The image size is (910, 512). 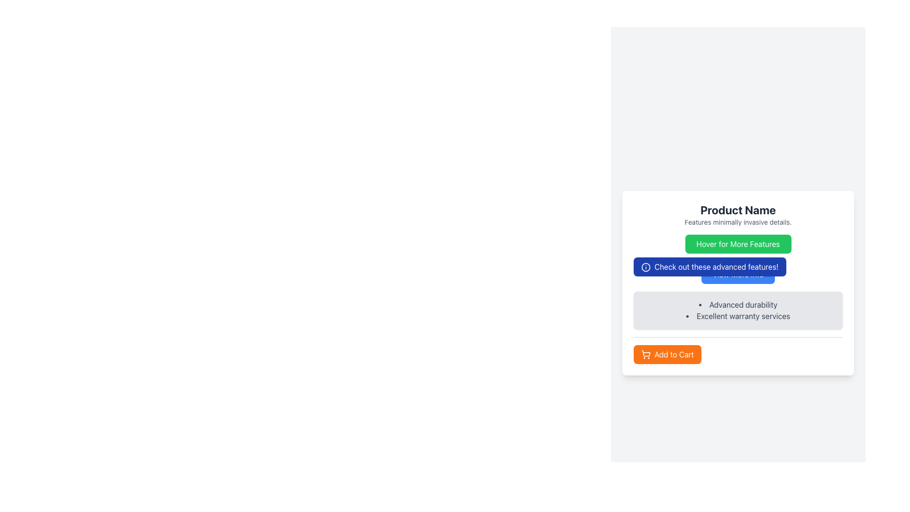 What do you see at coordinates (667, 354) in the screenshot?
I see `the 'Add to Cart' button with a bright orange background, white text, and a shopping cart icon` at bounding box center [667, 354].